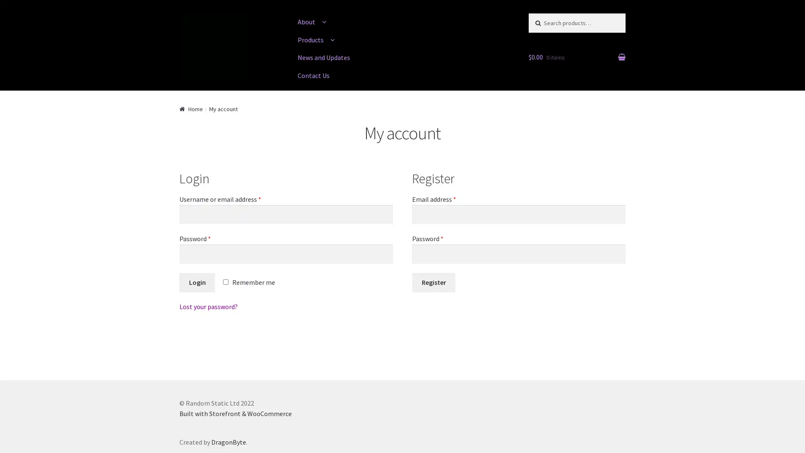 This screenshot has width=805, height=453. What do you see at coordinates (197, 282) in the screenshot?
I see `Login` at bounding box center [197, 282].